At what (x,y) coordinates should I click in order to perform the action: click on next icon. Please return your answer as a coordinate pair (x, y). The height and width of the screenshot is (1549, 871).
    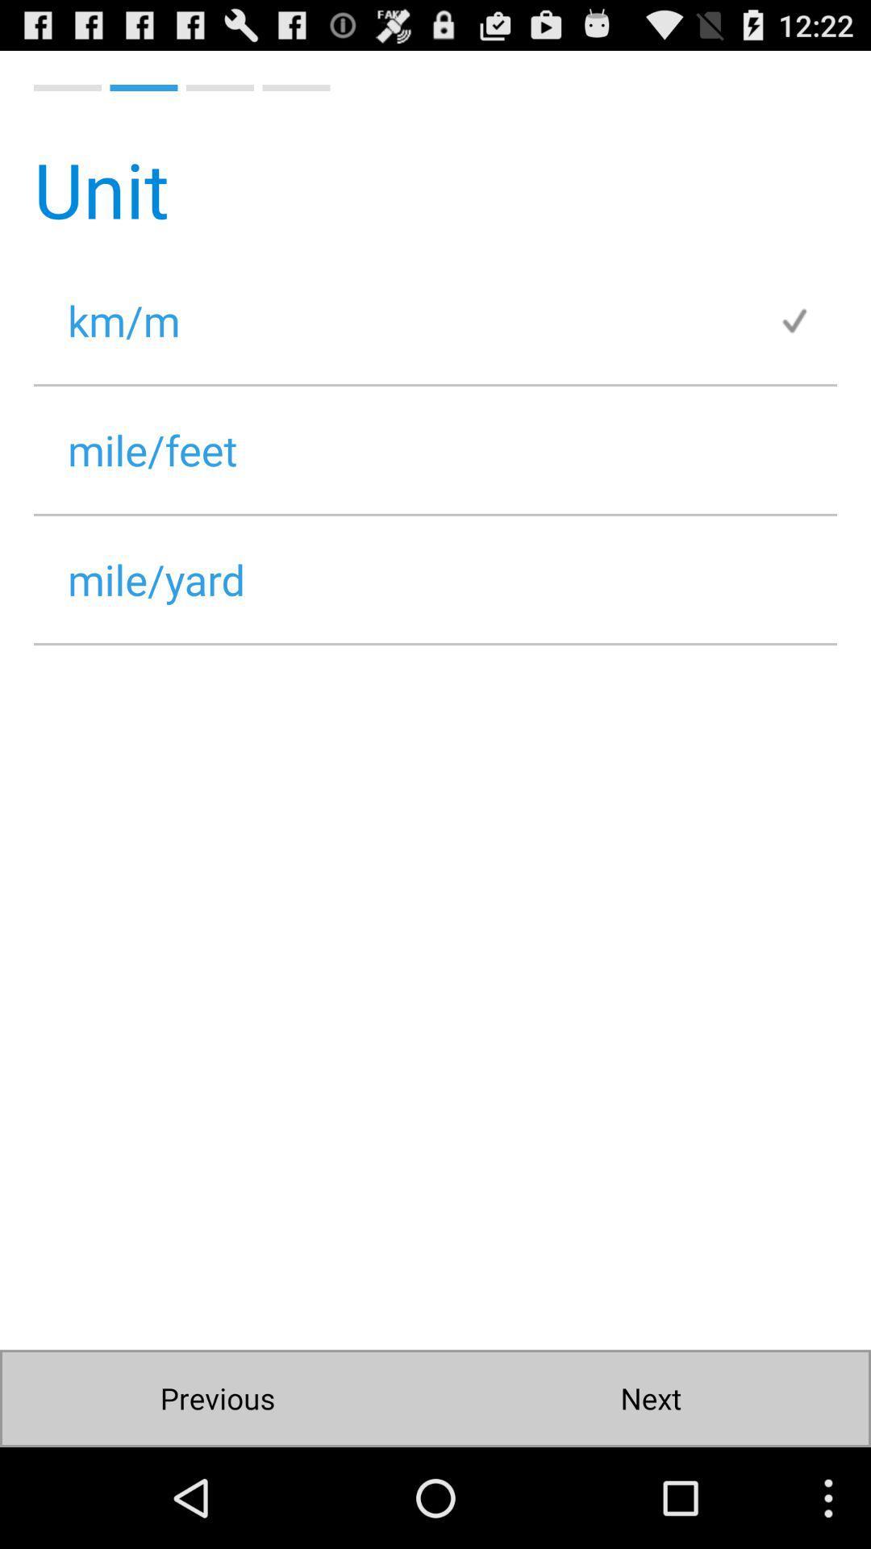
    Looking at the image, I should click on (649, 1397).